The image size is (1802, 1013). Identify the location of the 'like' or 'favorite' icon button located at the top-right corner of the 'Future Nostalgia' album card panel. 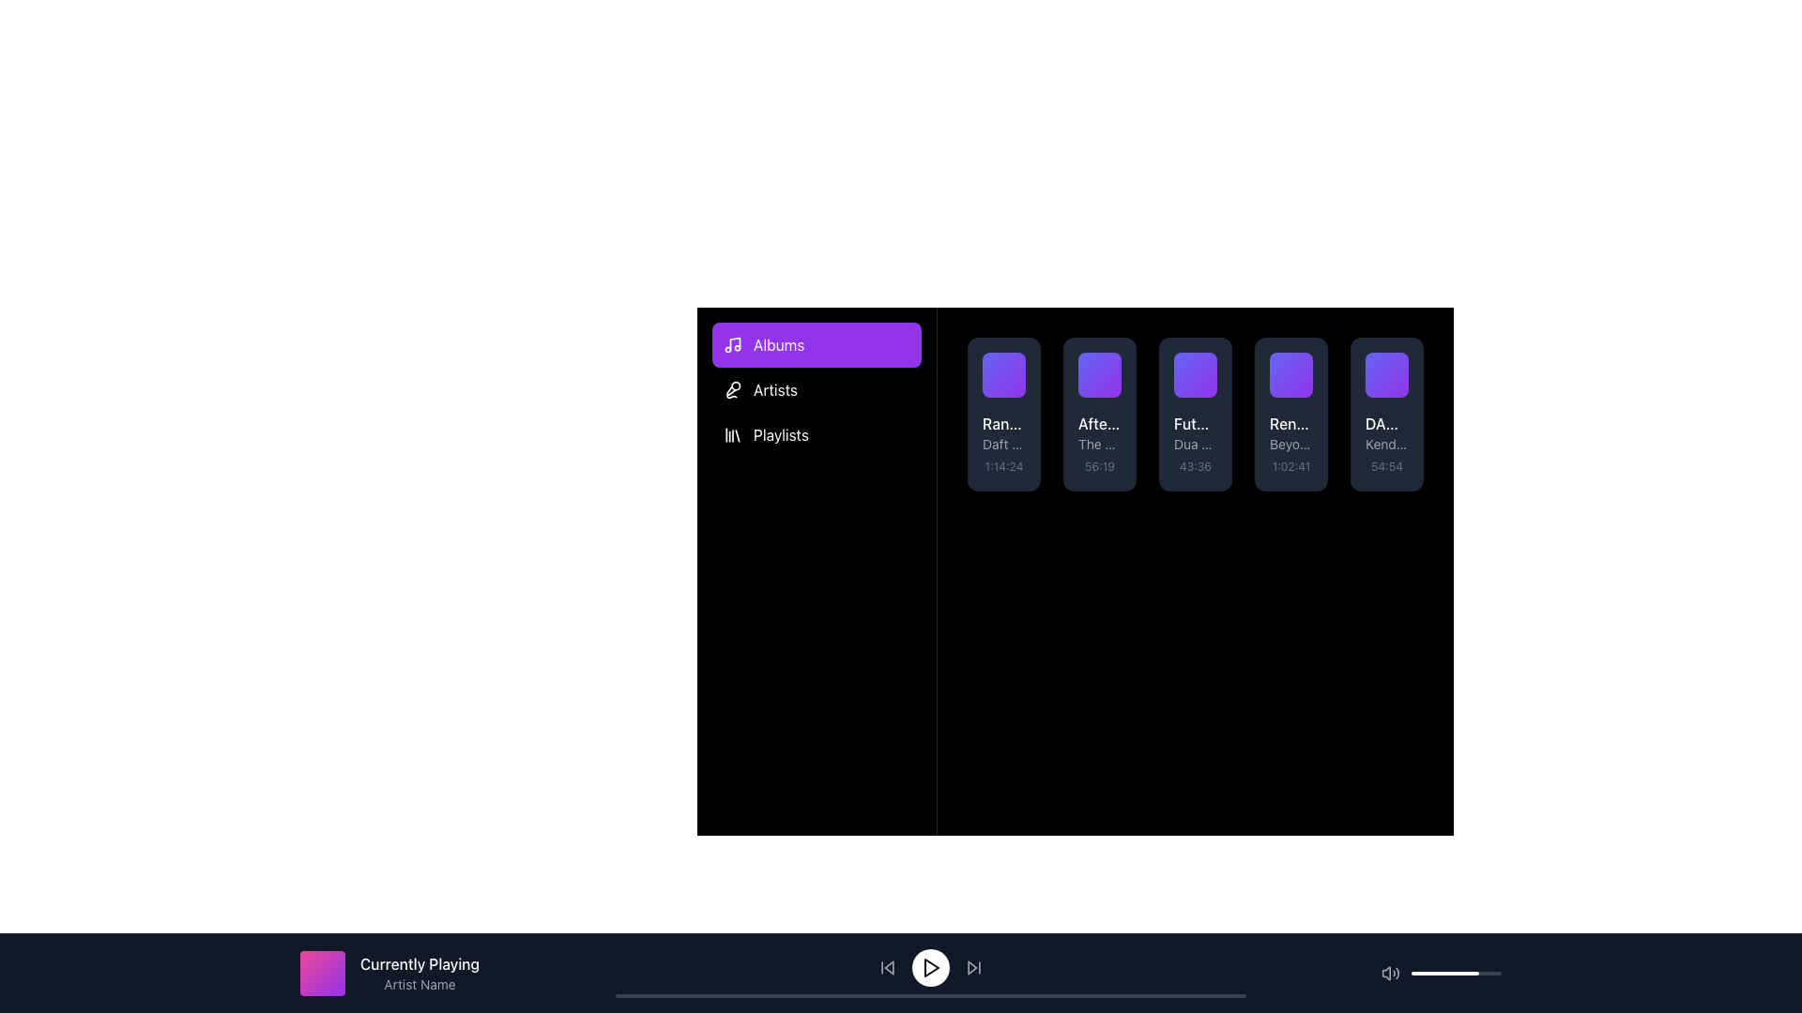
(1206, 364).